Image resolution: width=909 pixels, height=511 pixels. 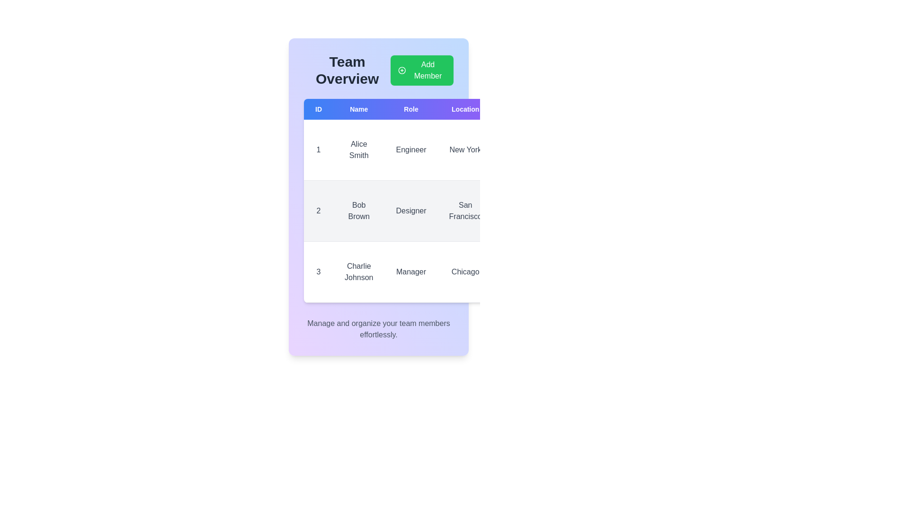 What do you see at coordinates (318, 272) in the screenshot?
I see `the text label that serves as an identifier in the first column of the third row in a tabular structure, adjacent to 'Charlie Johnson'` at bounding box center [318, 272].